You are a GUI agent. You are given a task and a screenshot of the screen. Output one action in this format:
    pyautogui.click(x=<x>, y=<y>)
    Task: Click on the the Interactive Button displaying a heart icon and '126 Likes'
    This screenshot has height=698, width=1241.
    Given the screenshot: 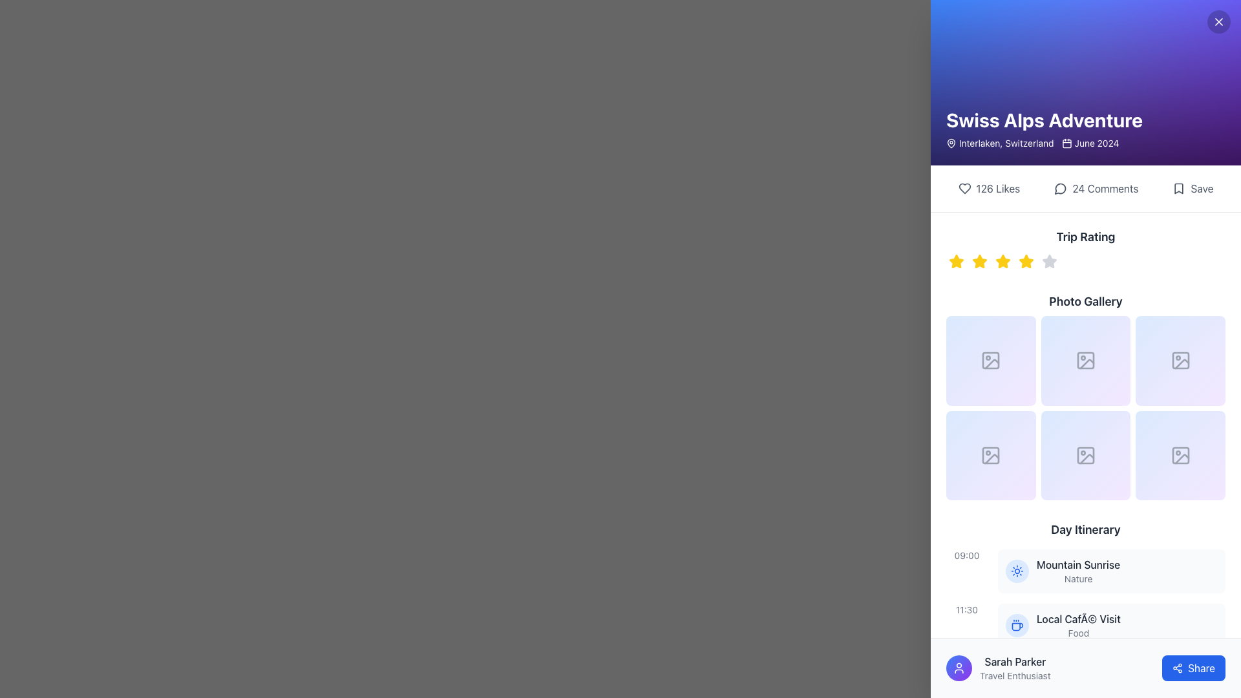 What is the action you would take?
    pyautogui.click(x=988, y=189)
    